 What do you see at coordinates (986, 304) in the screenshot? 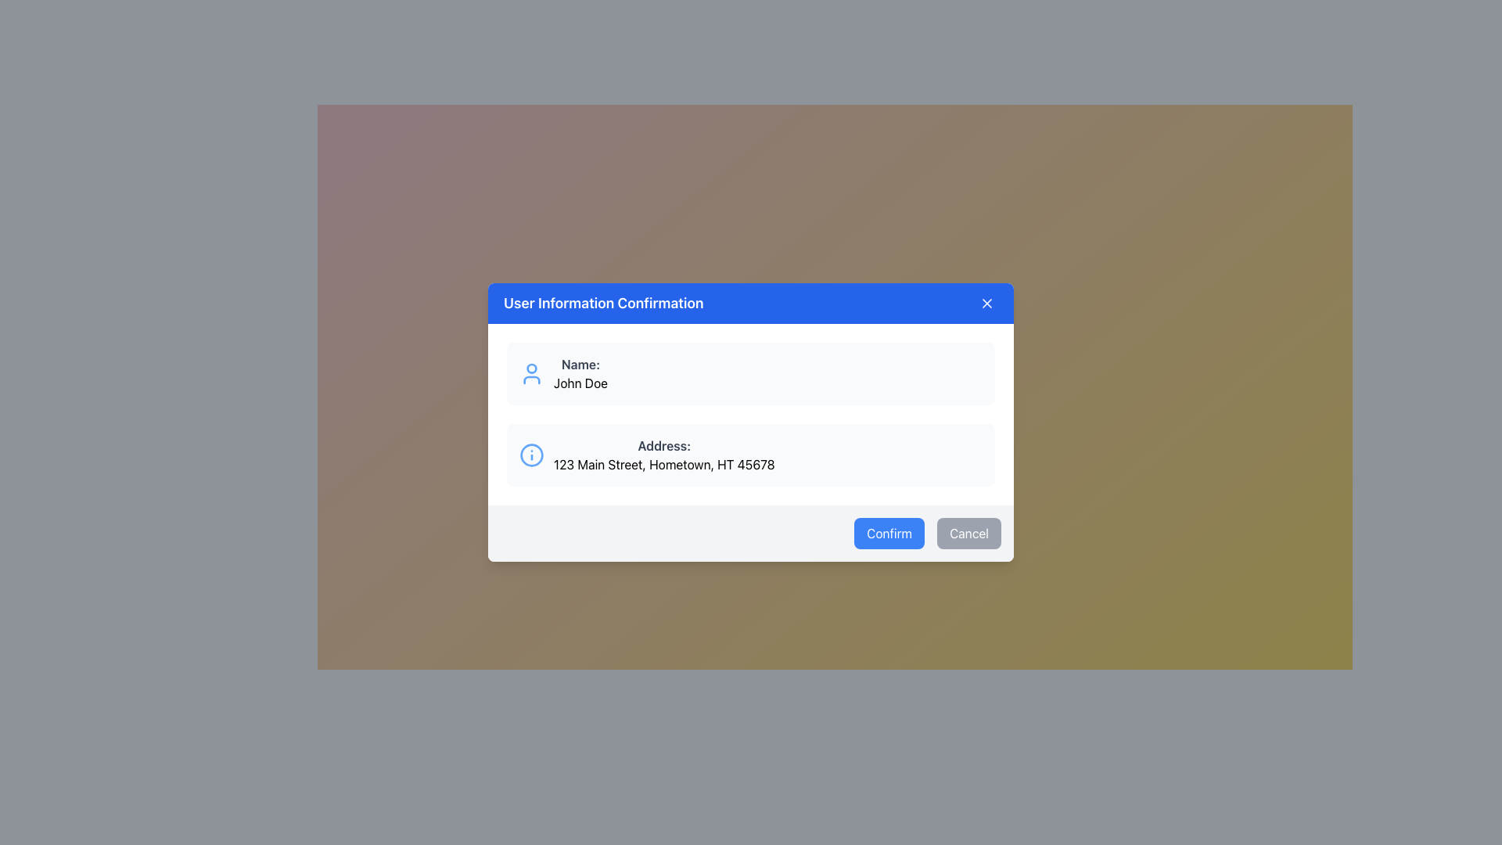
I see `the small blue button with an 'X' icon in the top-right corner of the modal dialog` at bounding box center [986, 304].